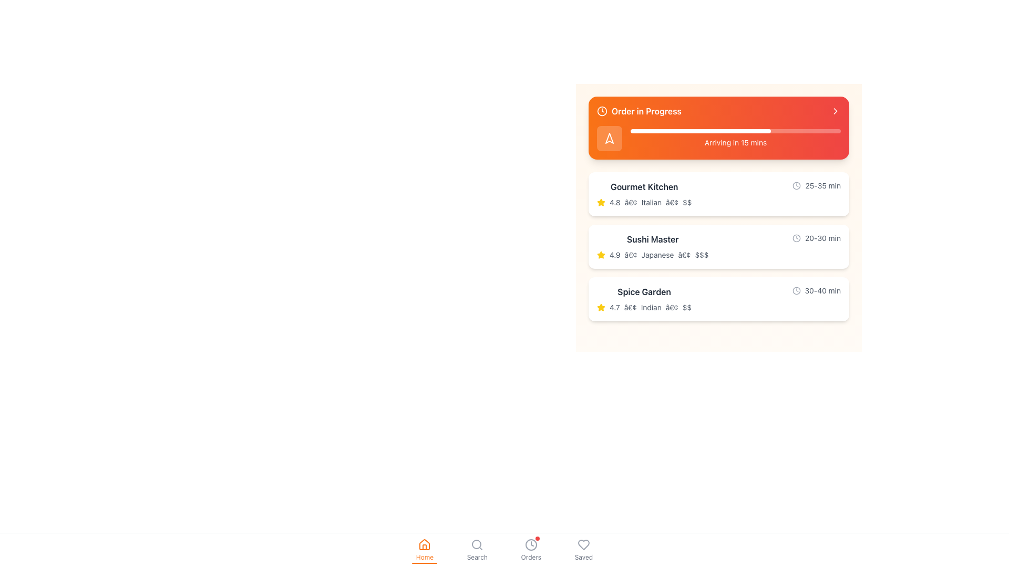 This screenshot has height=567, width=1009. What do you see at coordinates (796, 291) in the screenshot?
I see `the timing indicator icon located to the right of the 'Spice Garden' entry, adjacent to the '30-40 min' text in the list of options` at bounding box center [796, 291].